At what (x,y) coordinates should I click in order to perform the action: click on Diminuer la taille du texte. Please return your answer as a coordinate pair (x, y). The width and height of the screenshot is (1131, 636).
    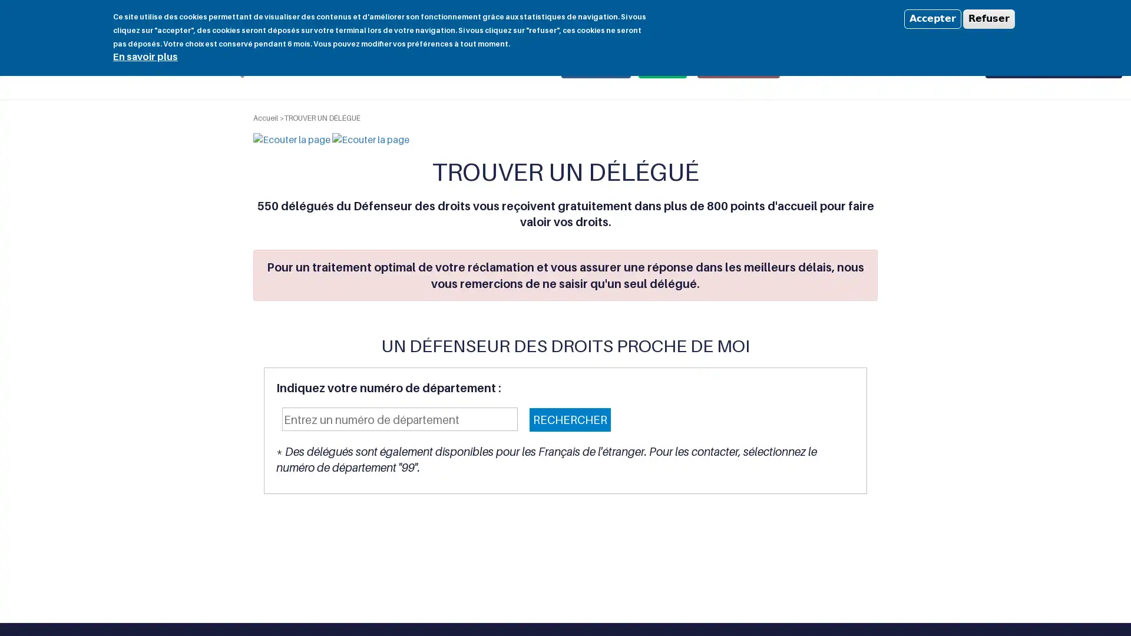
    Looking at the image, I should click on (973, 18).